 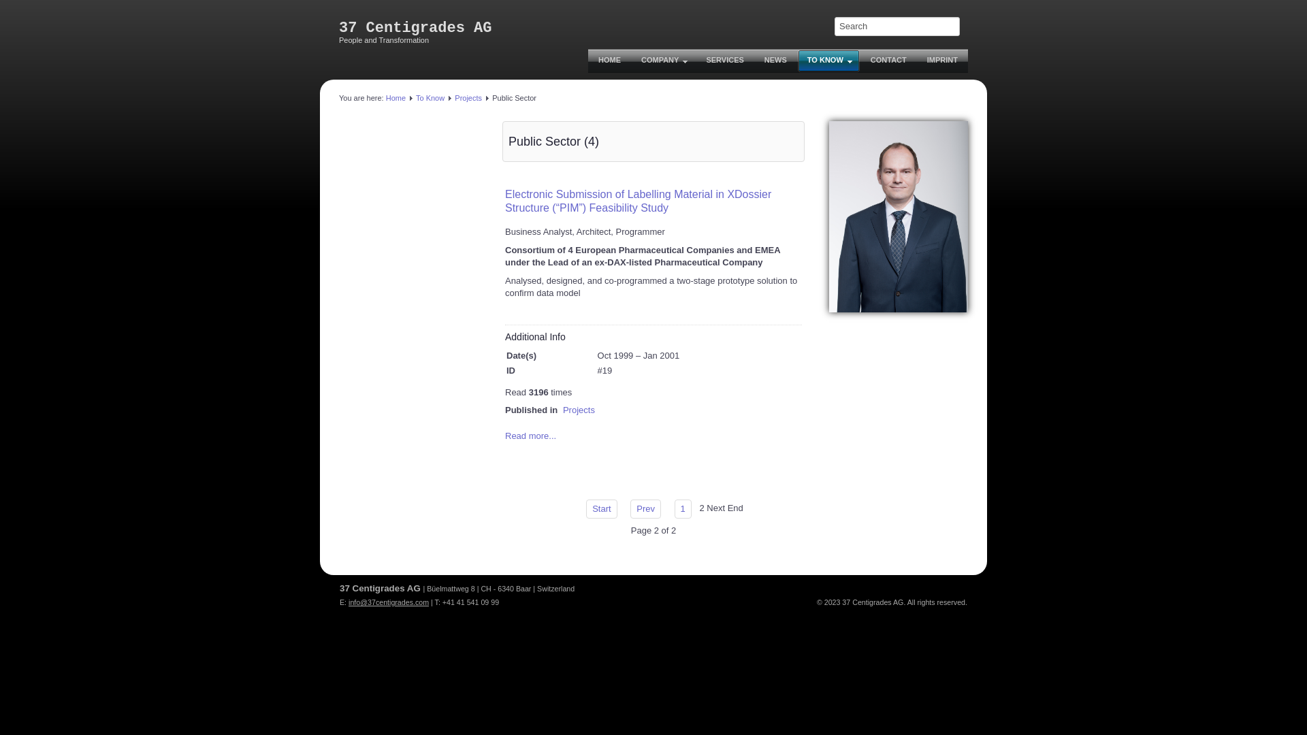 I want to click on 'Start', so click(x=600, y=509).